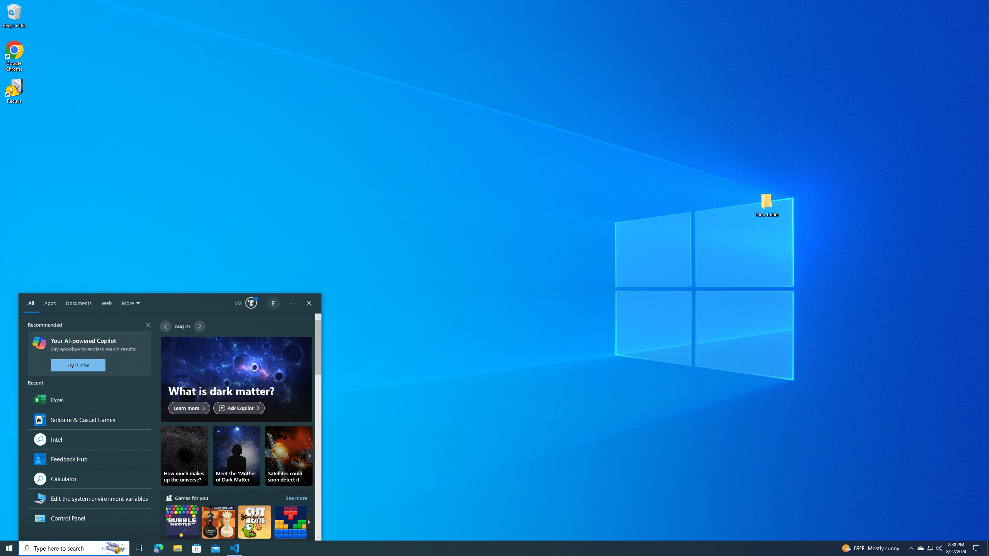 The width and height of the screenshot is (989, 556). I want to click on 'Solitaire & Casual Games, App', so click(89, 419).